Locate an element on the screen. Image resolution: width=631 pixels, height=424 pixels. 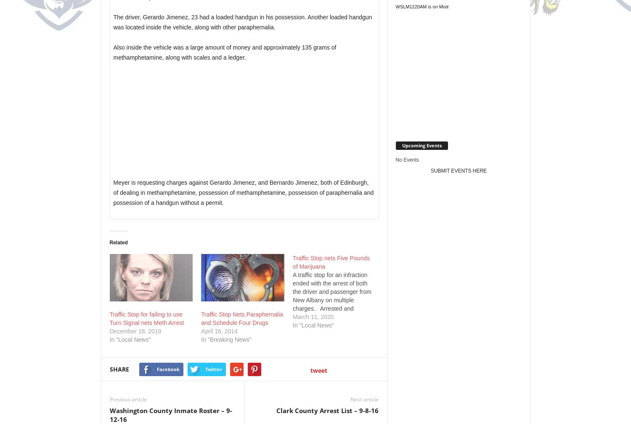
'Twitter' is located at coordinates (213, 369).